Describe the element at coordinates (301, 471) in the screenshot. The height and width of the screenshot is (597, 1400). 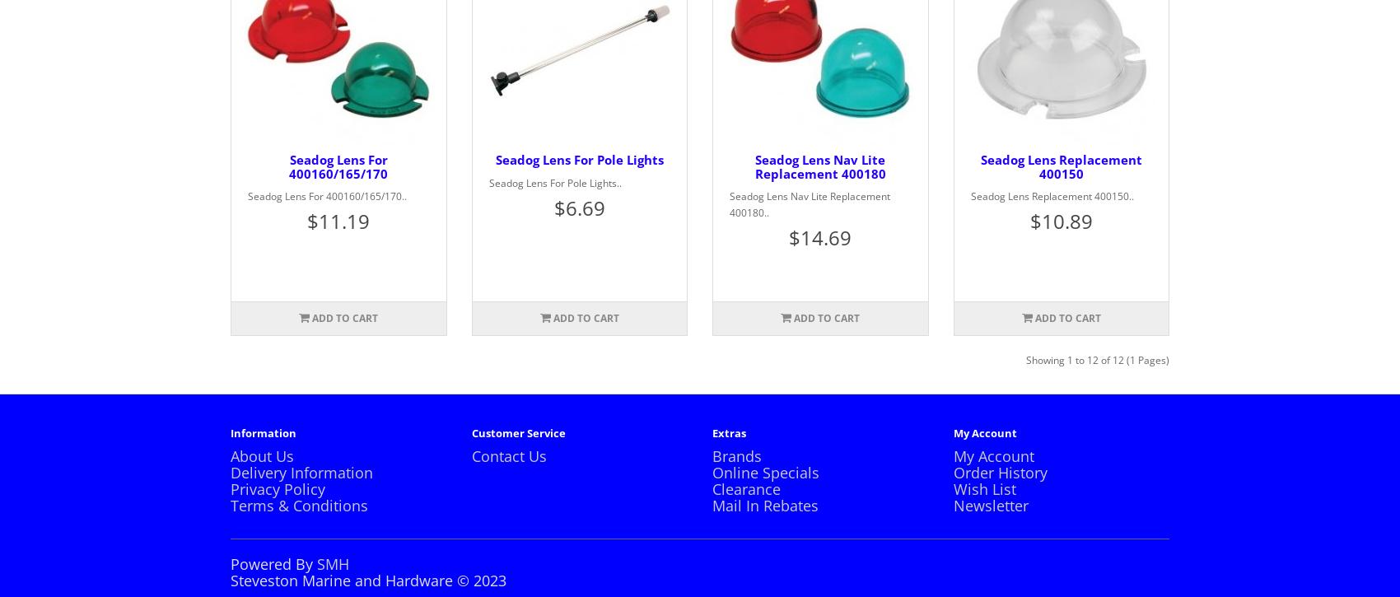
I see `'Delivery Information'` at that location.